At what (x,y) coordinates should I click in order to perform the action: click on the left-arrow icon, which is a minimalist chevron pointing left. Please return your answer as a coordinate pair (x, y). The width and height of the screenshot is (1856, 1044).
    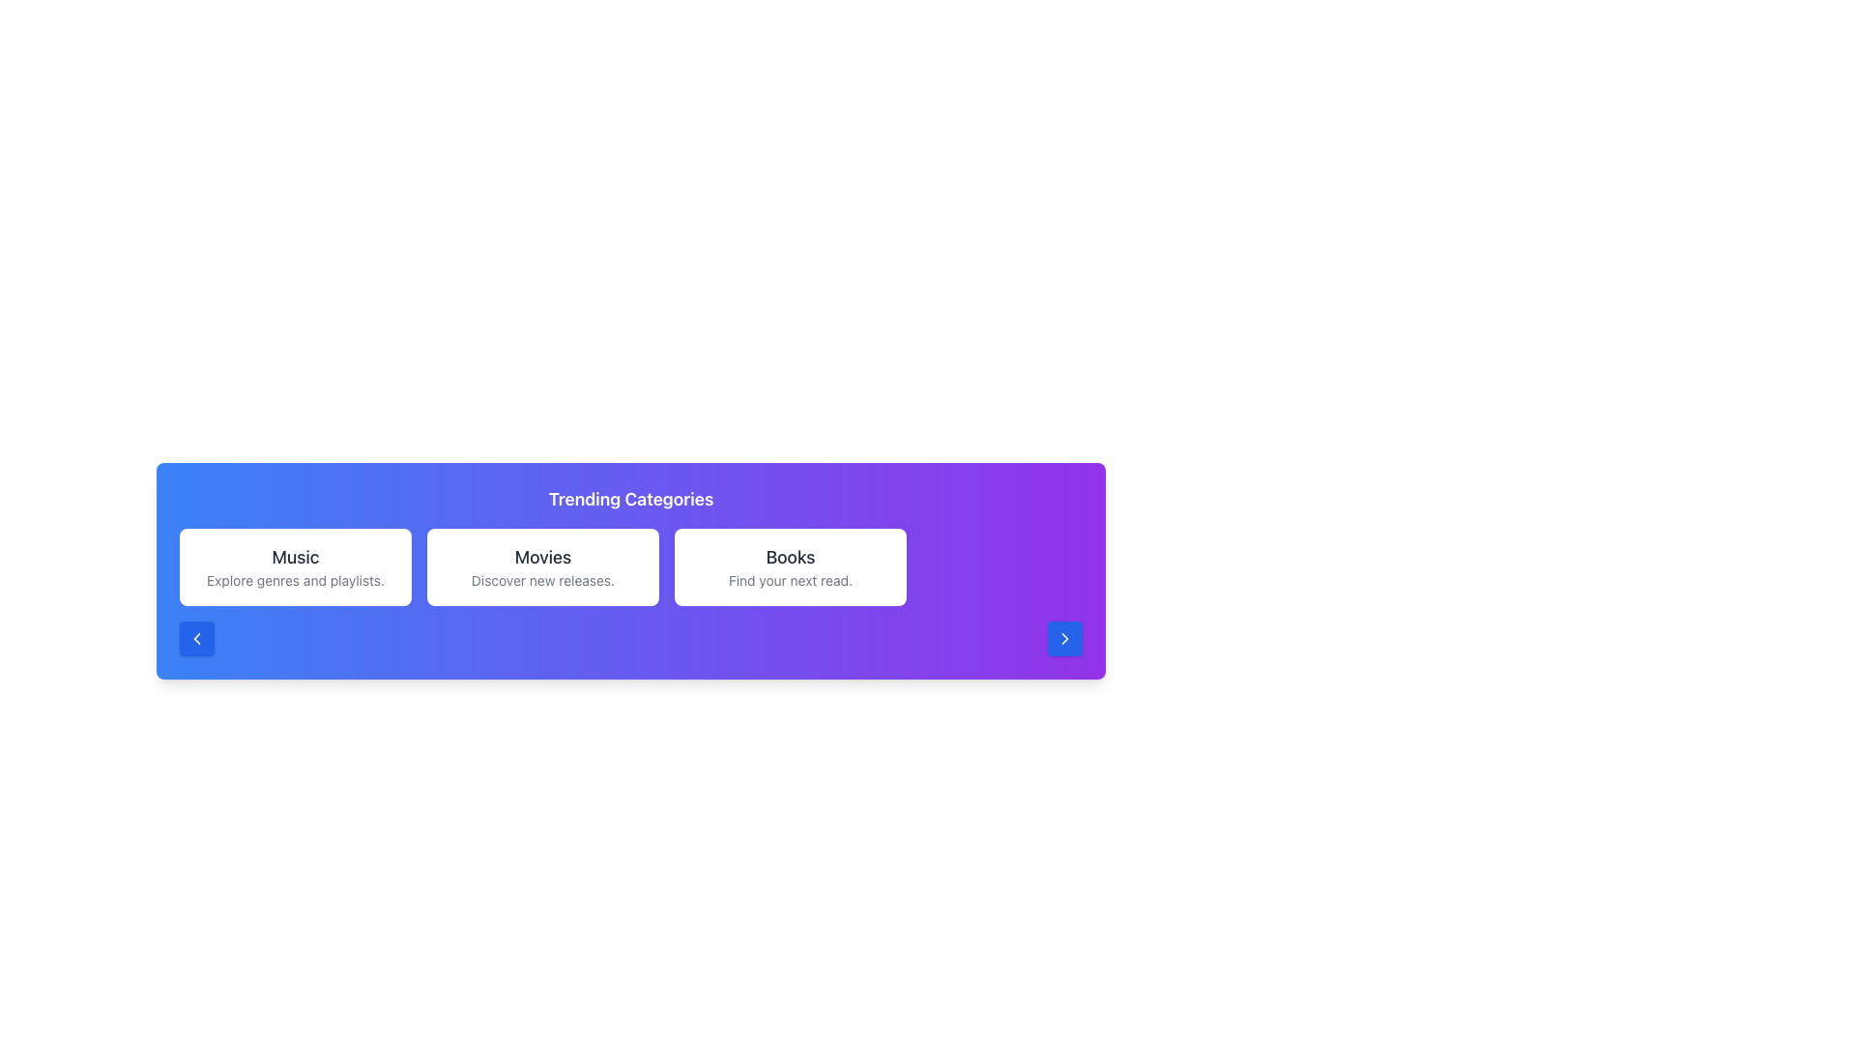
    Looking at the image, I should click on (196, 638).